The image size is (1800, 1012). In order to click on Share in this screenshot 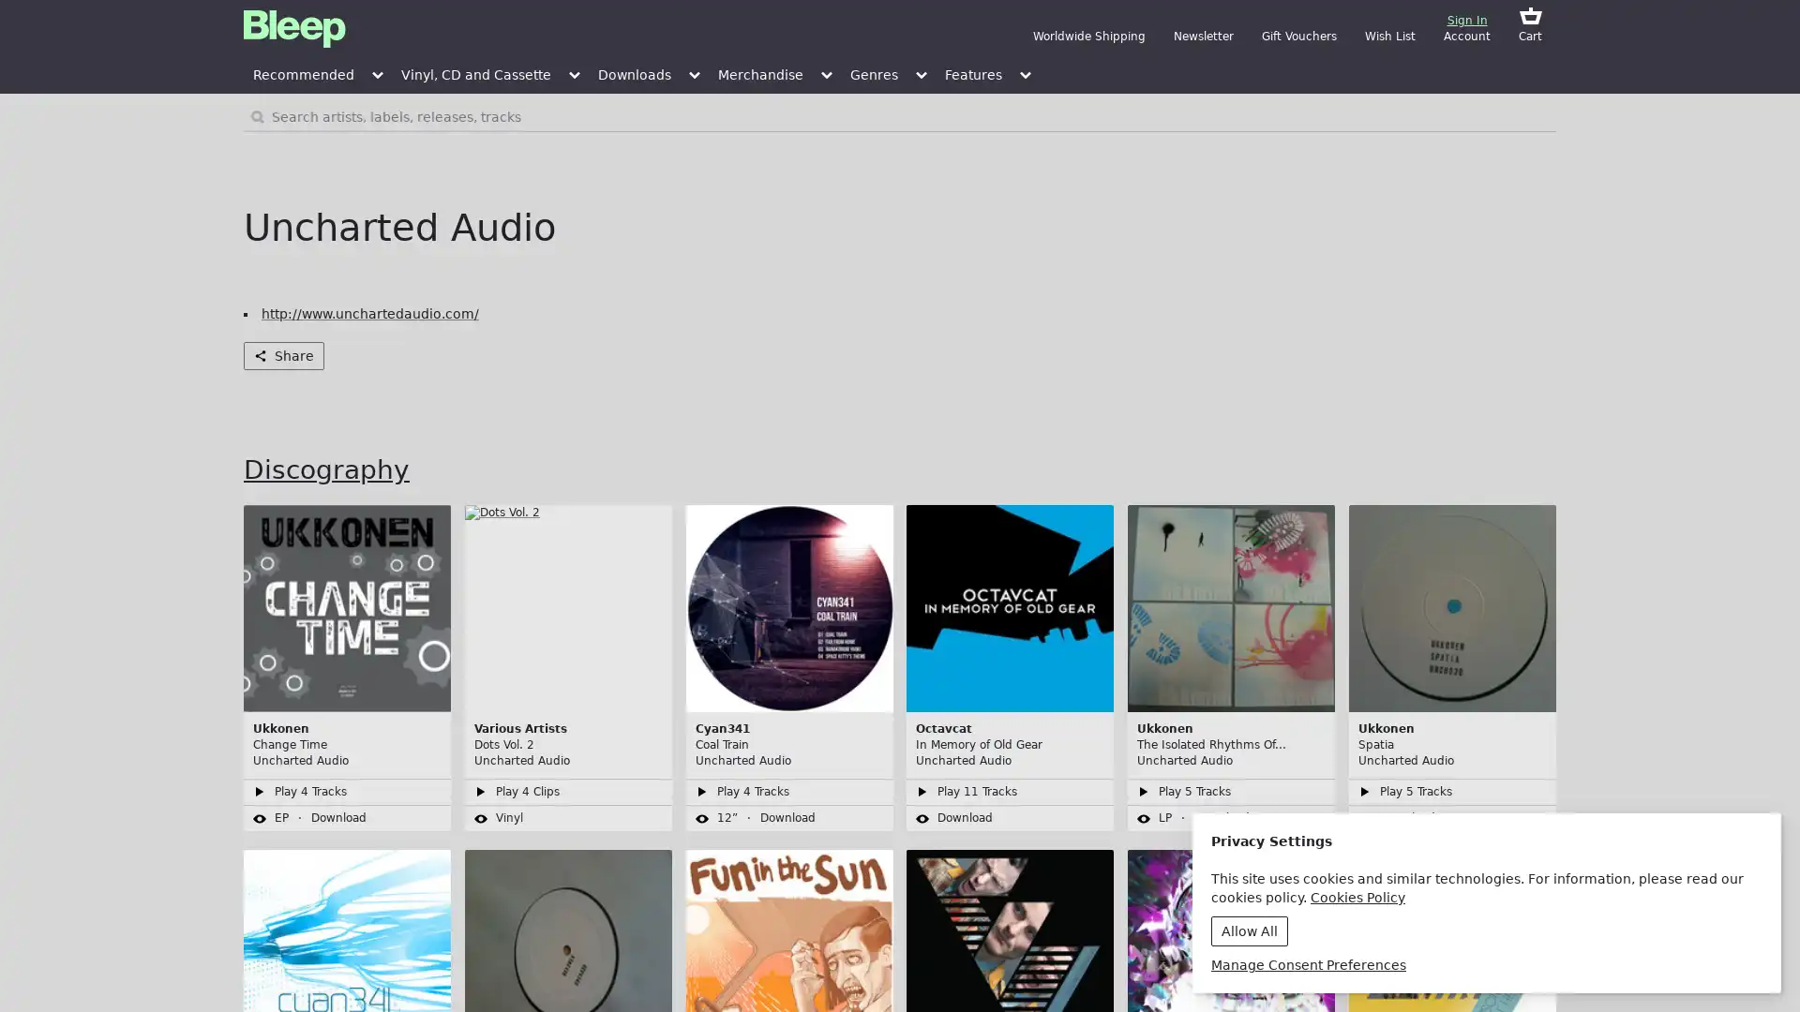, I will do `click(282, 356)`.